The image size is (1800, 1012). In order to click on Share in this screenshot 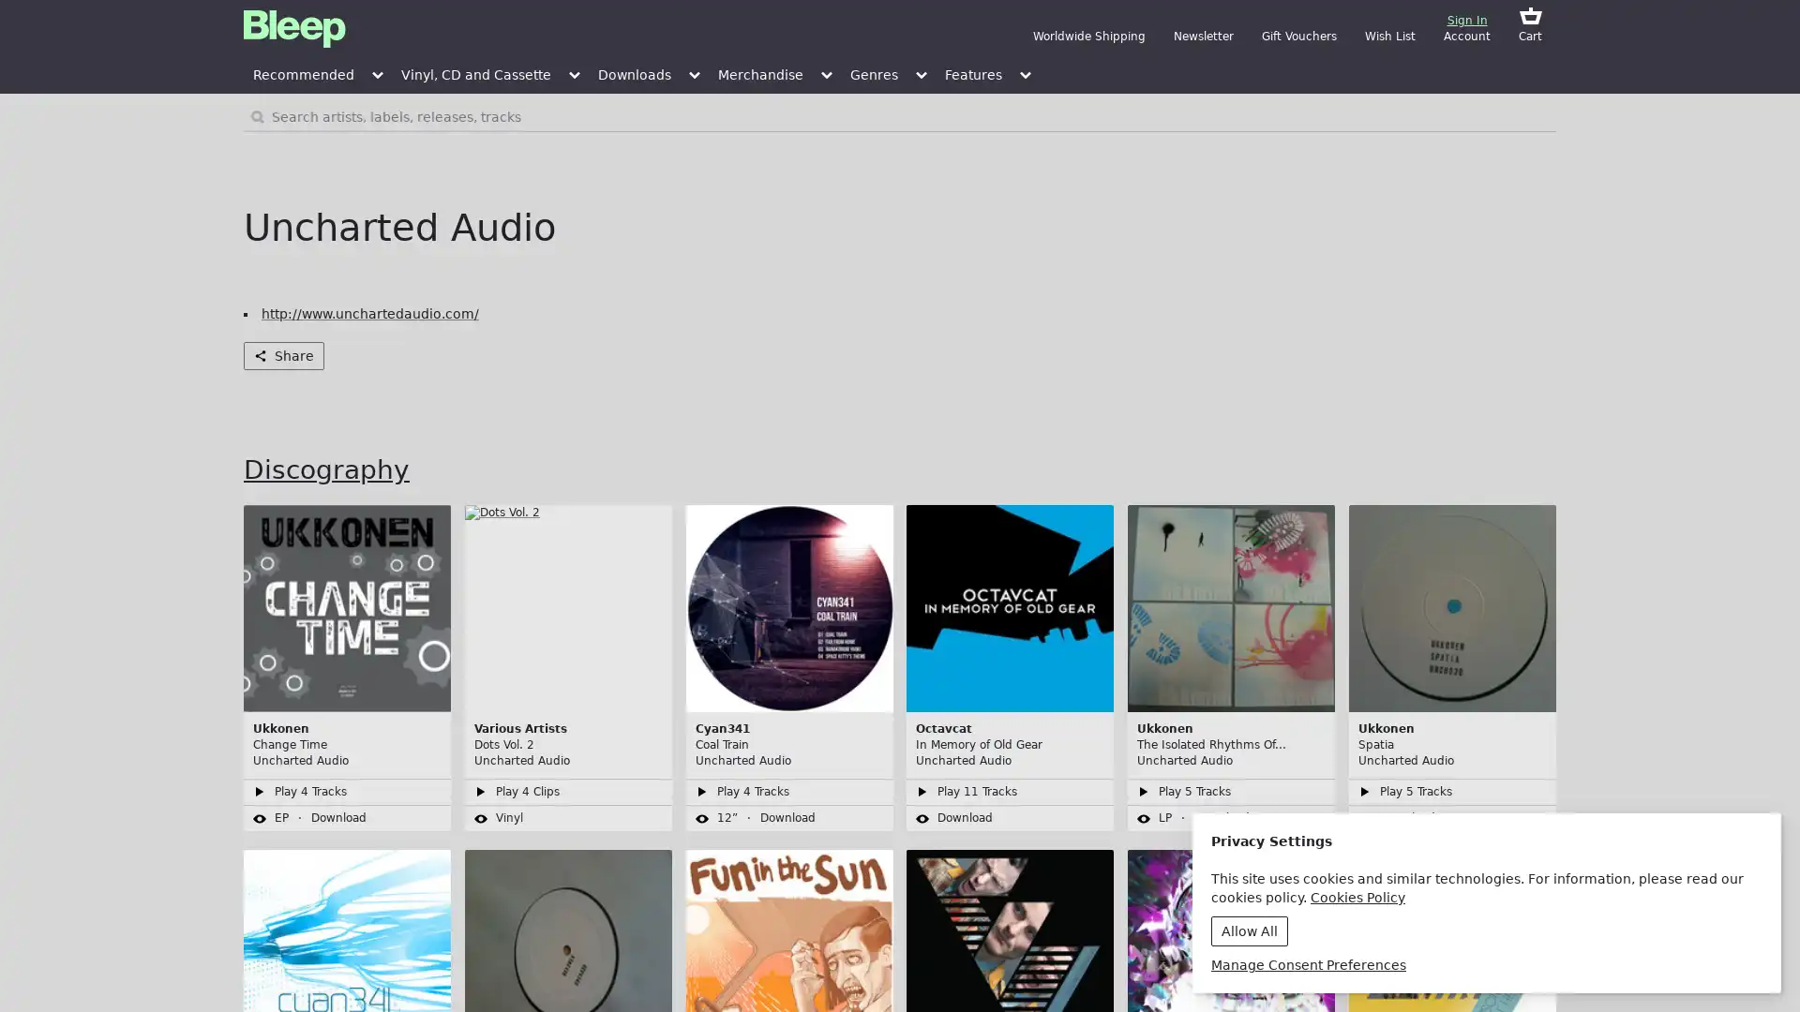, I will do `click(282, 356)`.